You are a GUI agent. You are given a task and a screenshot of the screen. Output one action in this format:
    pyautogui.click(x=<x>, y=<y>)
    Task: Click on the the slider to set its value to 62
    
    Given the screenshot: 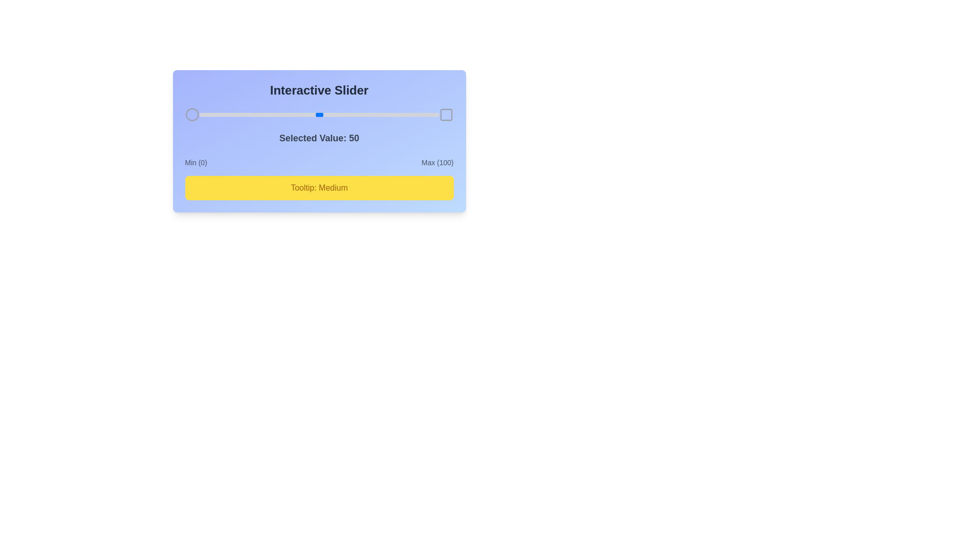 What is the action you would take?
    pyautogui.click(x=348, y=114)
    